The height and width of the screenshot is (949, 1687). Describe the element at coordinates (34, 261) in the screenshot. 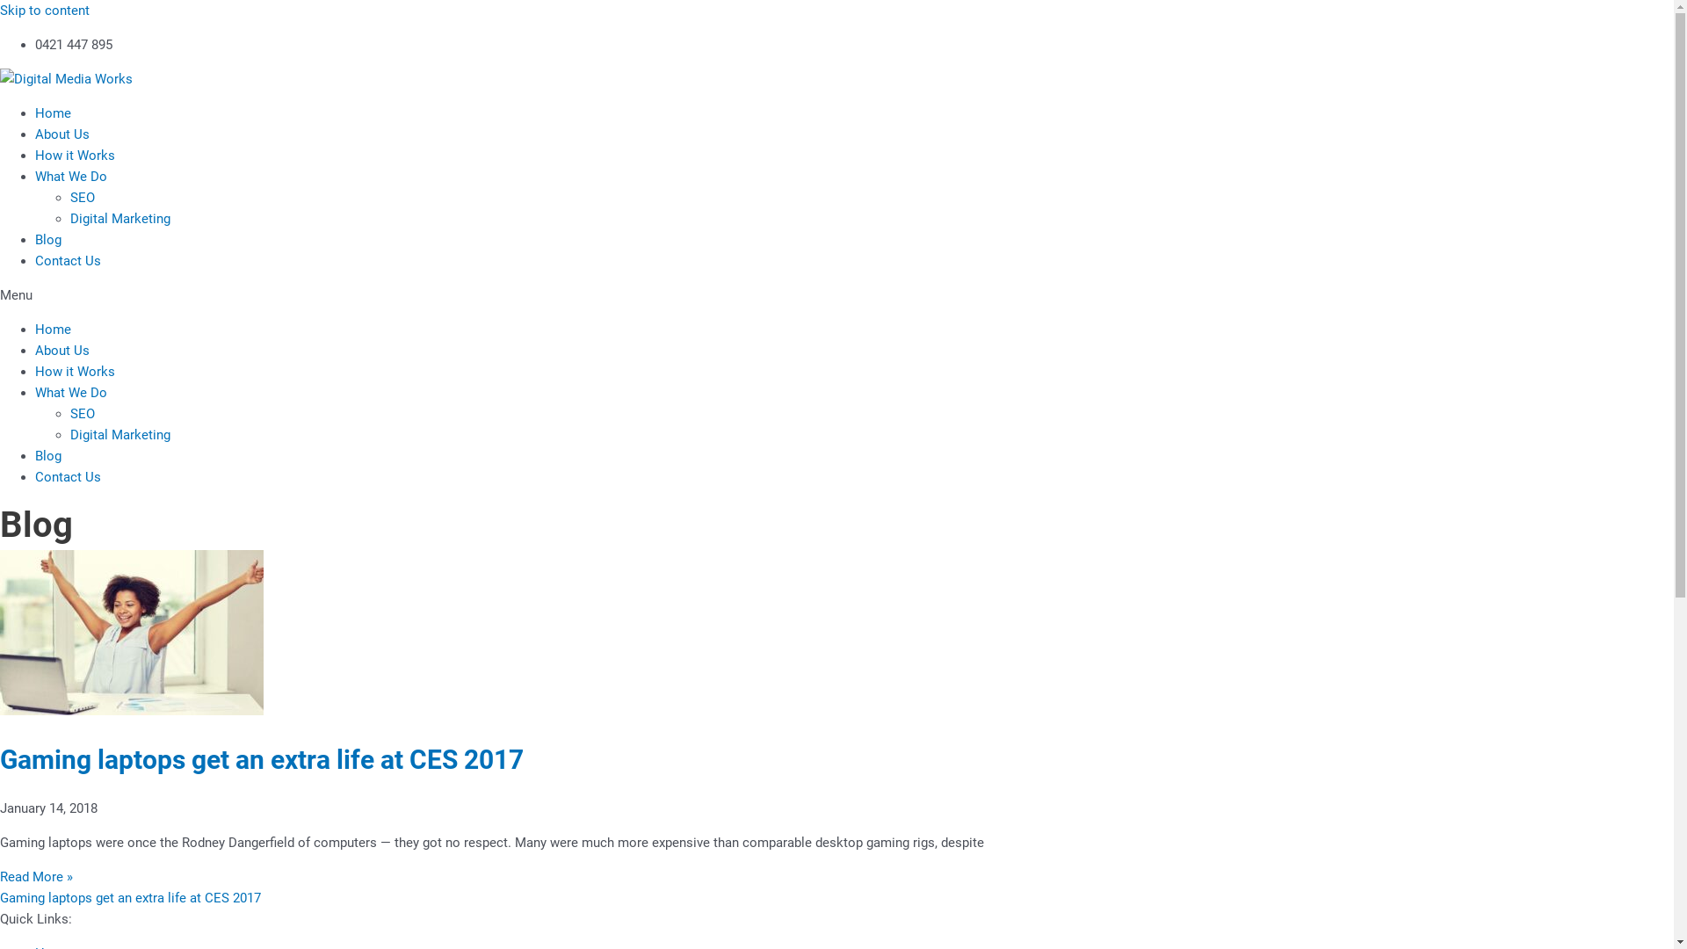

I see `'Contact Us'` at that location.